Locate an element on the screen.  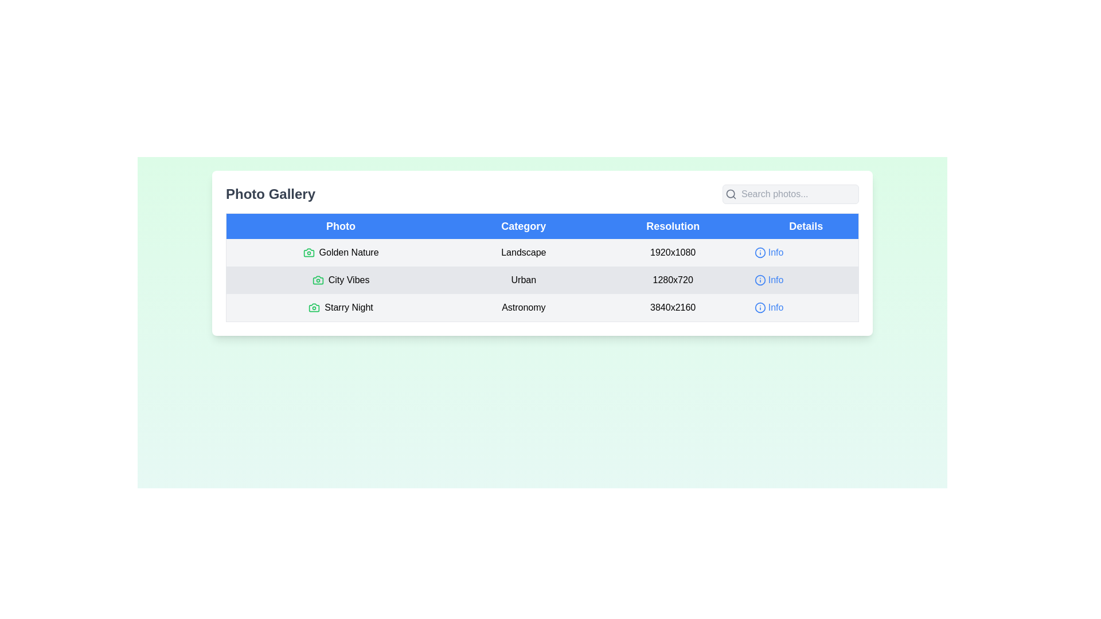
information displayed in the first row of the table, which contains a green icon, the text 'Golden Nature', the category 'Landscape', the resolution '1920x1080', and an interactive blue 'Info' button is located at coordinates (541, 252).